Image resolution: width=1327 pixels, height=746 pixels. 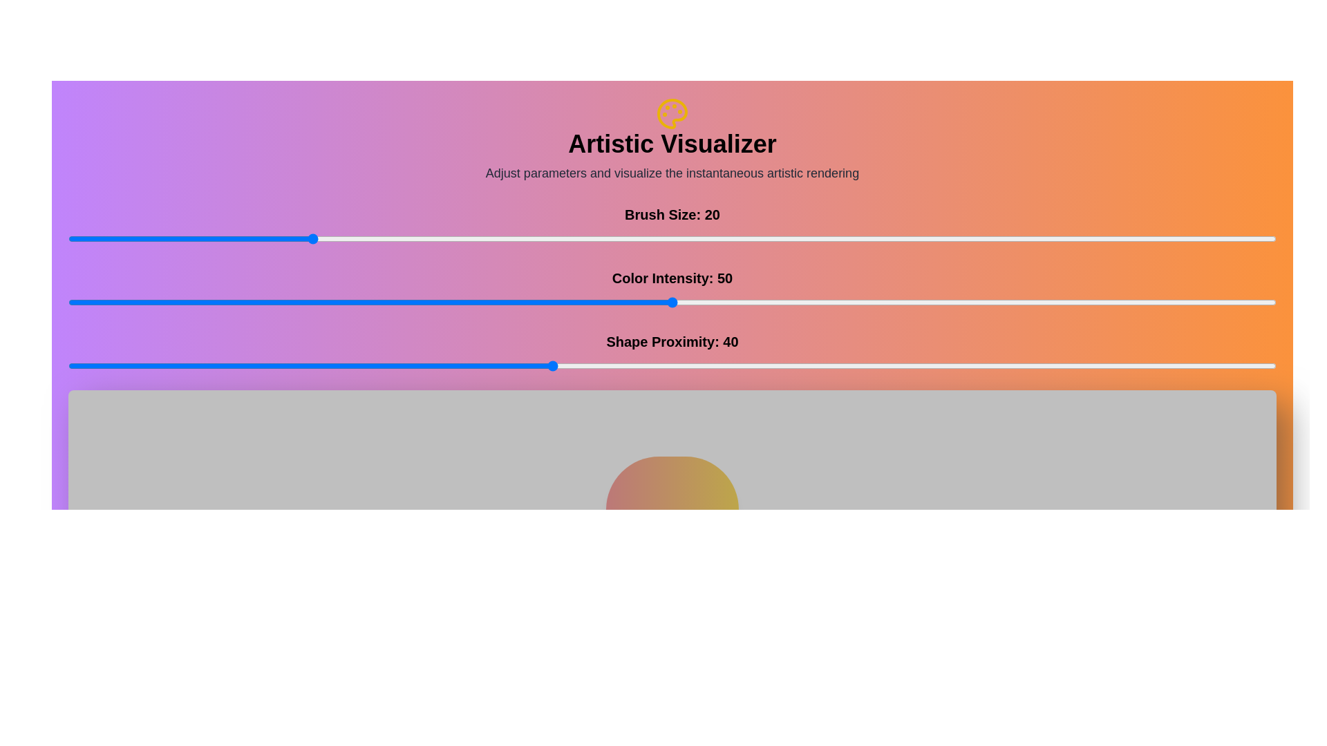 I want to click on the 'Shape Proximity' slider to 32 value, so click(x=455, y=365).